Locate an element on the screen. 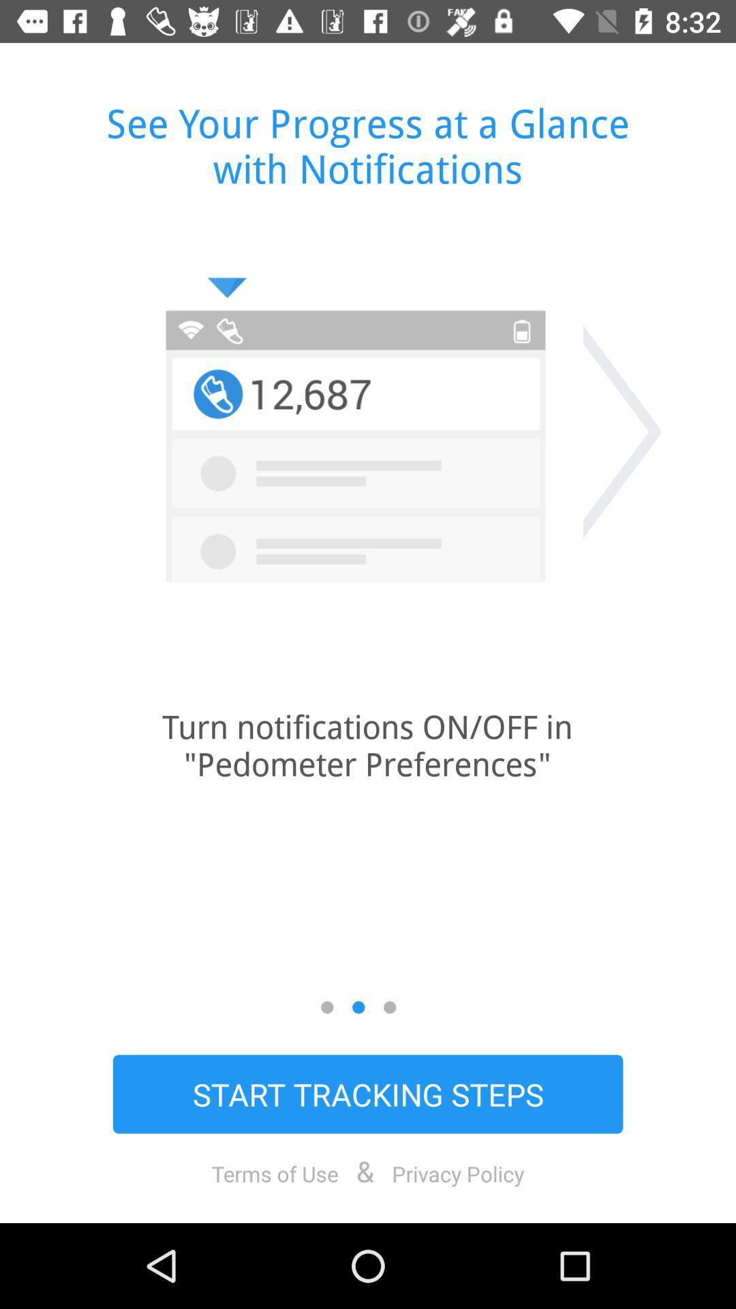 Image resolution: width=736 pixels, height=1309 pixels. privacy policy icon is located at coordinates (458, 1173).